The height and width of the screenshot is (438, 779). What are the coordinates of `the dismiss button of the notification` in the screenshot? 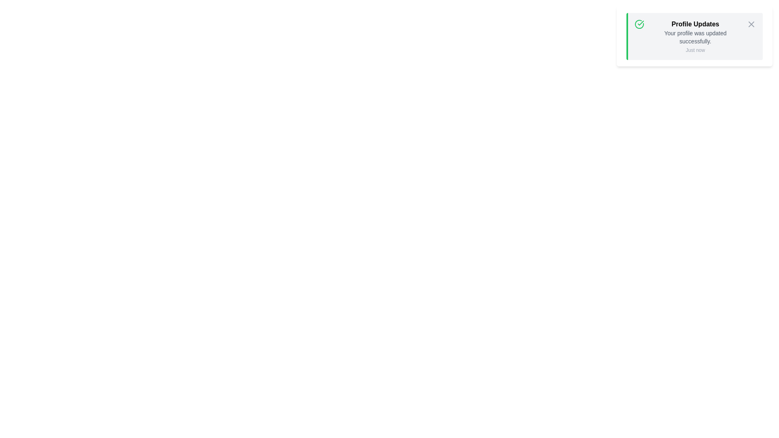 It's located at (751, 24).